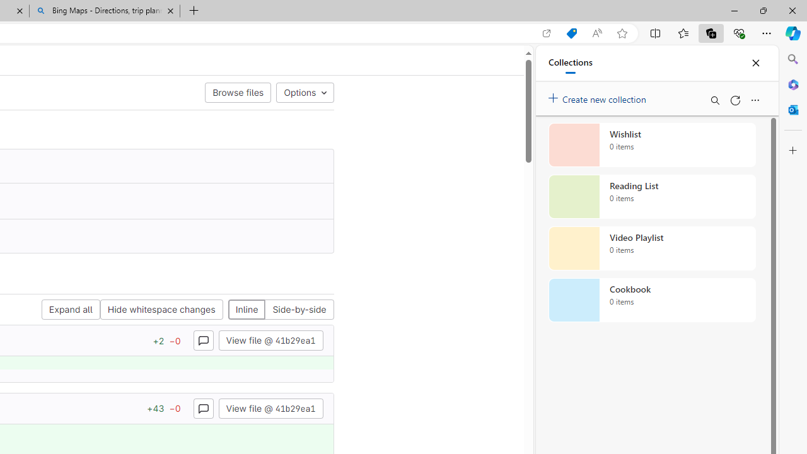  Describe the element at coordinates (70, 310) in the screenshot. I see `'Expand all'` at that location.